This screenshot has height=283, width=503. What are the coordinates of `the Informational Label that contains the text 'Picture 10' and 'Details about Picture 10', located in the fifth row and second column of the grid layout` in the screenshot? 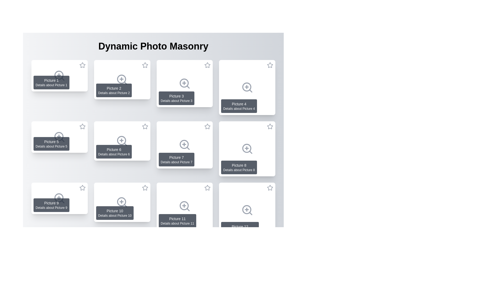 It's located at (114, 213).